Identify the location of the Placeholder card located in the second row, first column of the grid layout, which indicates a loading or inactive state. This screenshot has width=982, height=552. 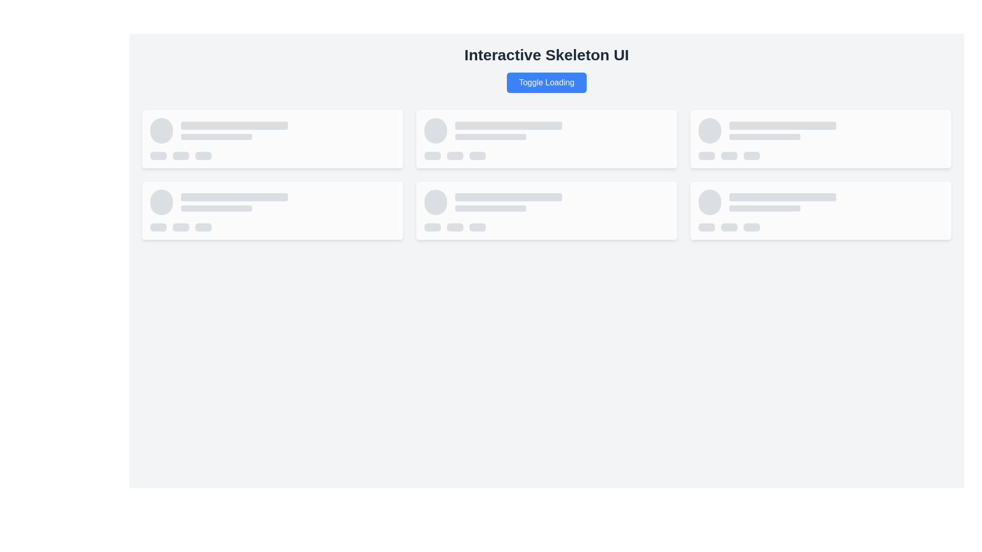
(272, 210).